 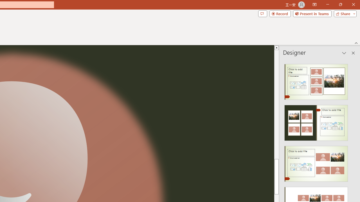 I want to click on 'Present in Teams', so click(x=312, y=13).